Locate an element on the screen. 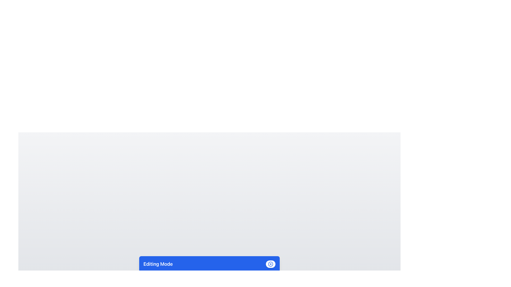  the circular button with a blue border and white background, featuring a blue 'X' symbol in the center, located on the right edge of the 'Editing Mode' blue bar is located at coordinates (271, 264).